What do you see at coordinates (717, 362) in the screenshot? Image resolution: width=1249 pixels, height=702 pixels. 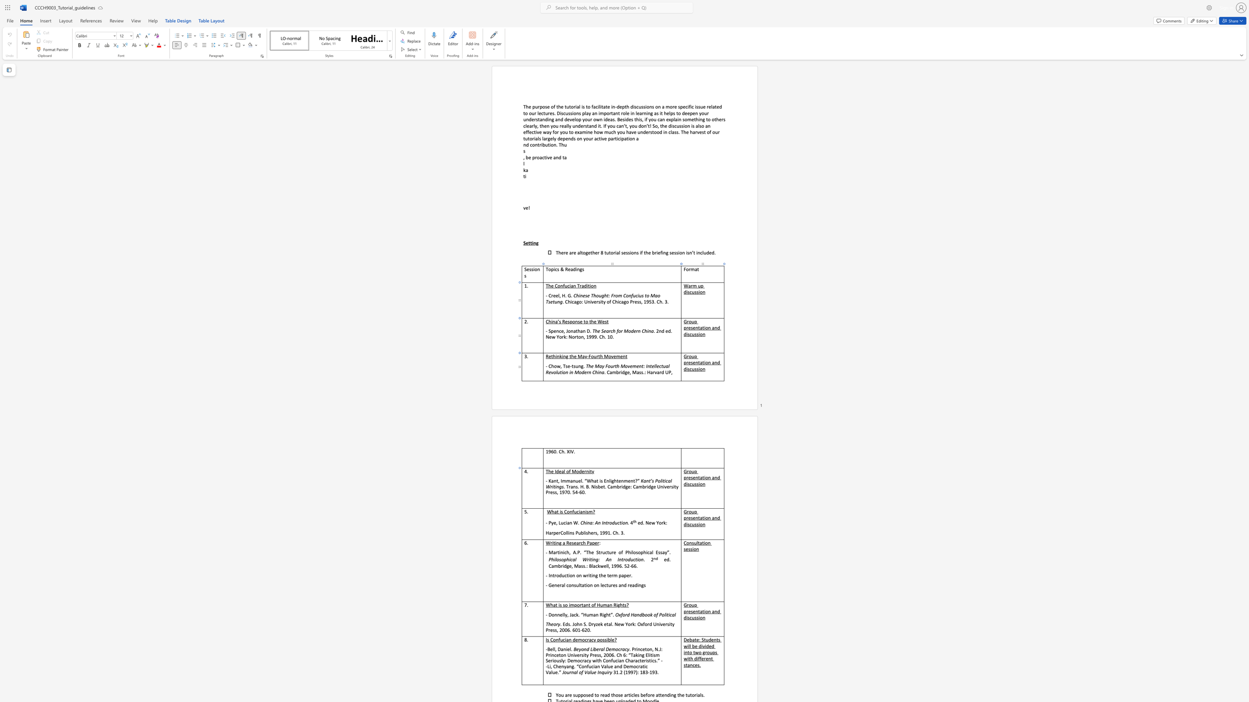 I see `the space between the continuous character "n" and "d" in the text` at bounding box center [717, 362].